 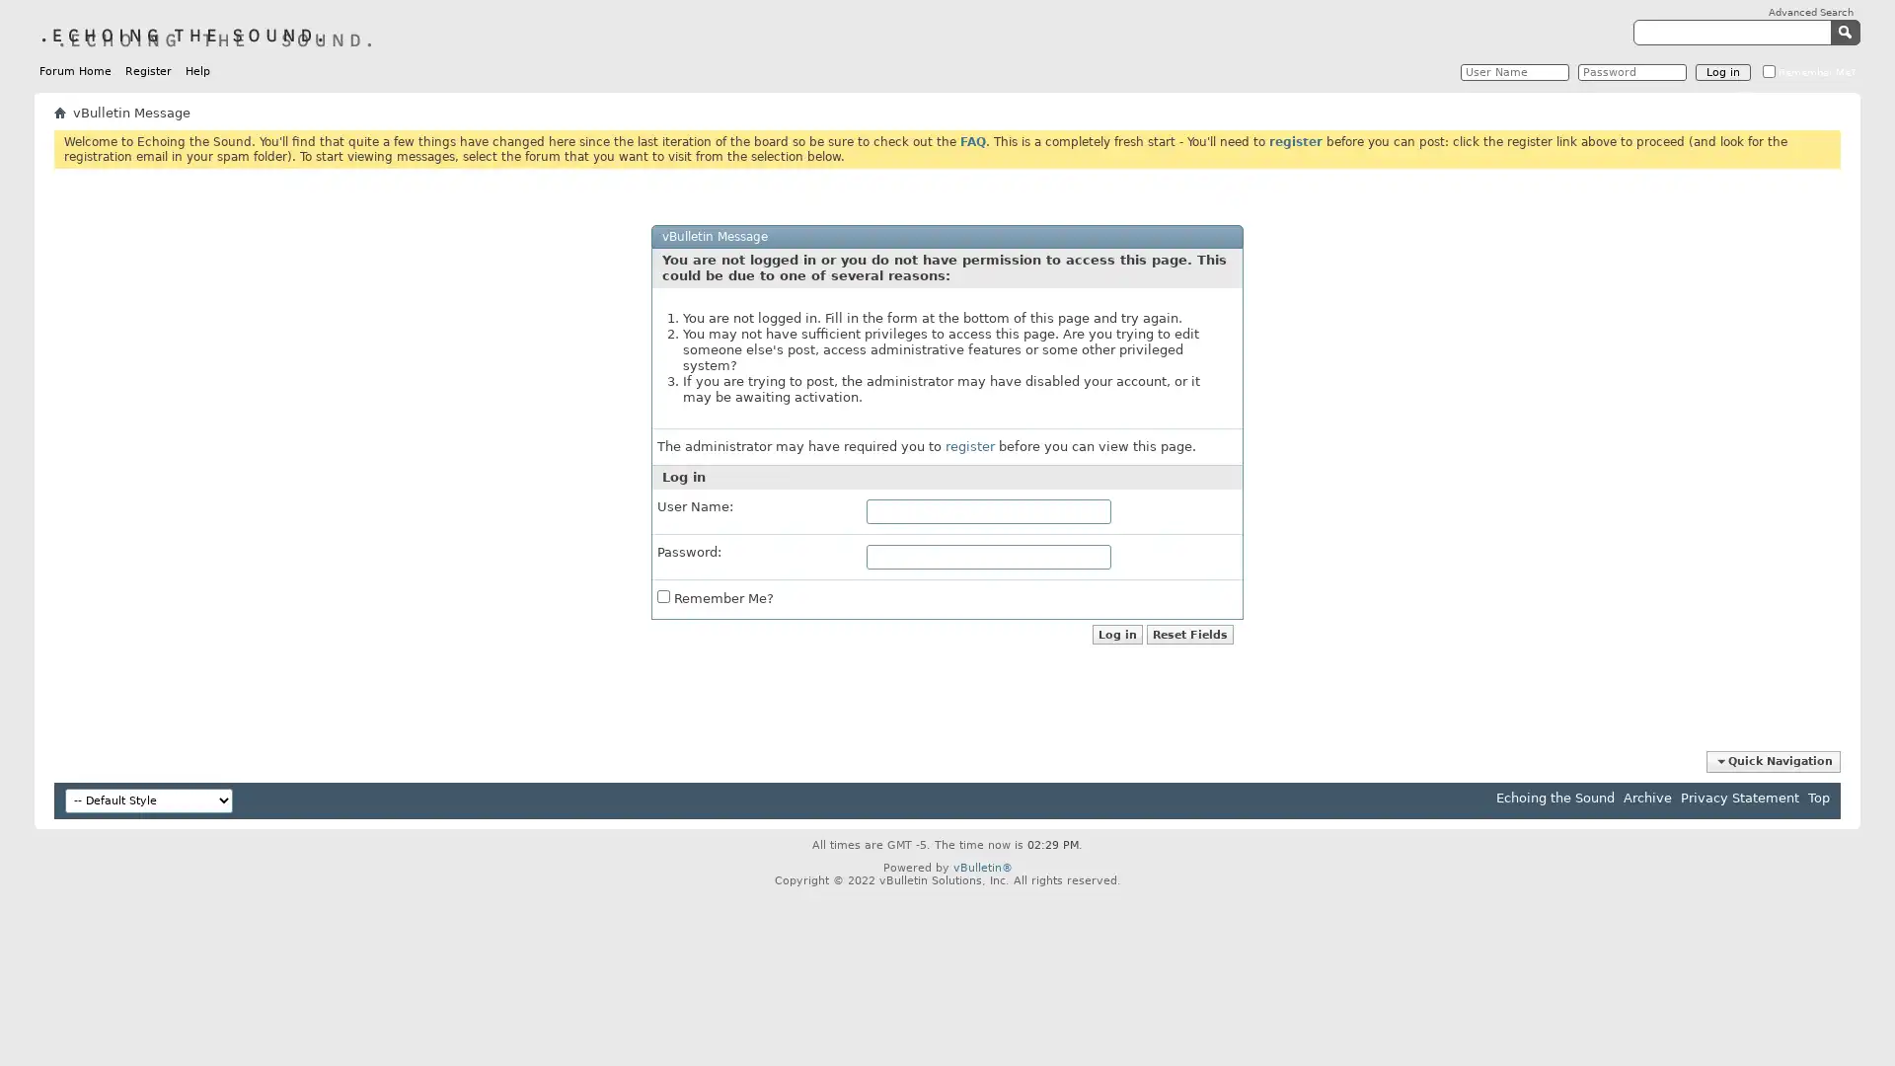 I want to click on Submit, so click(x=1847, y=31).